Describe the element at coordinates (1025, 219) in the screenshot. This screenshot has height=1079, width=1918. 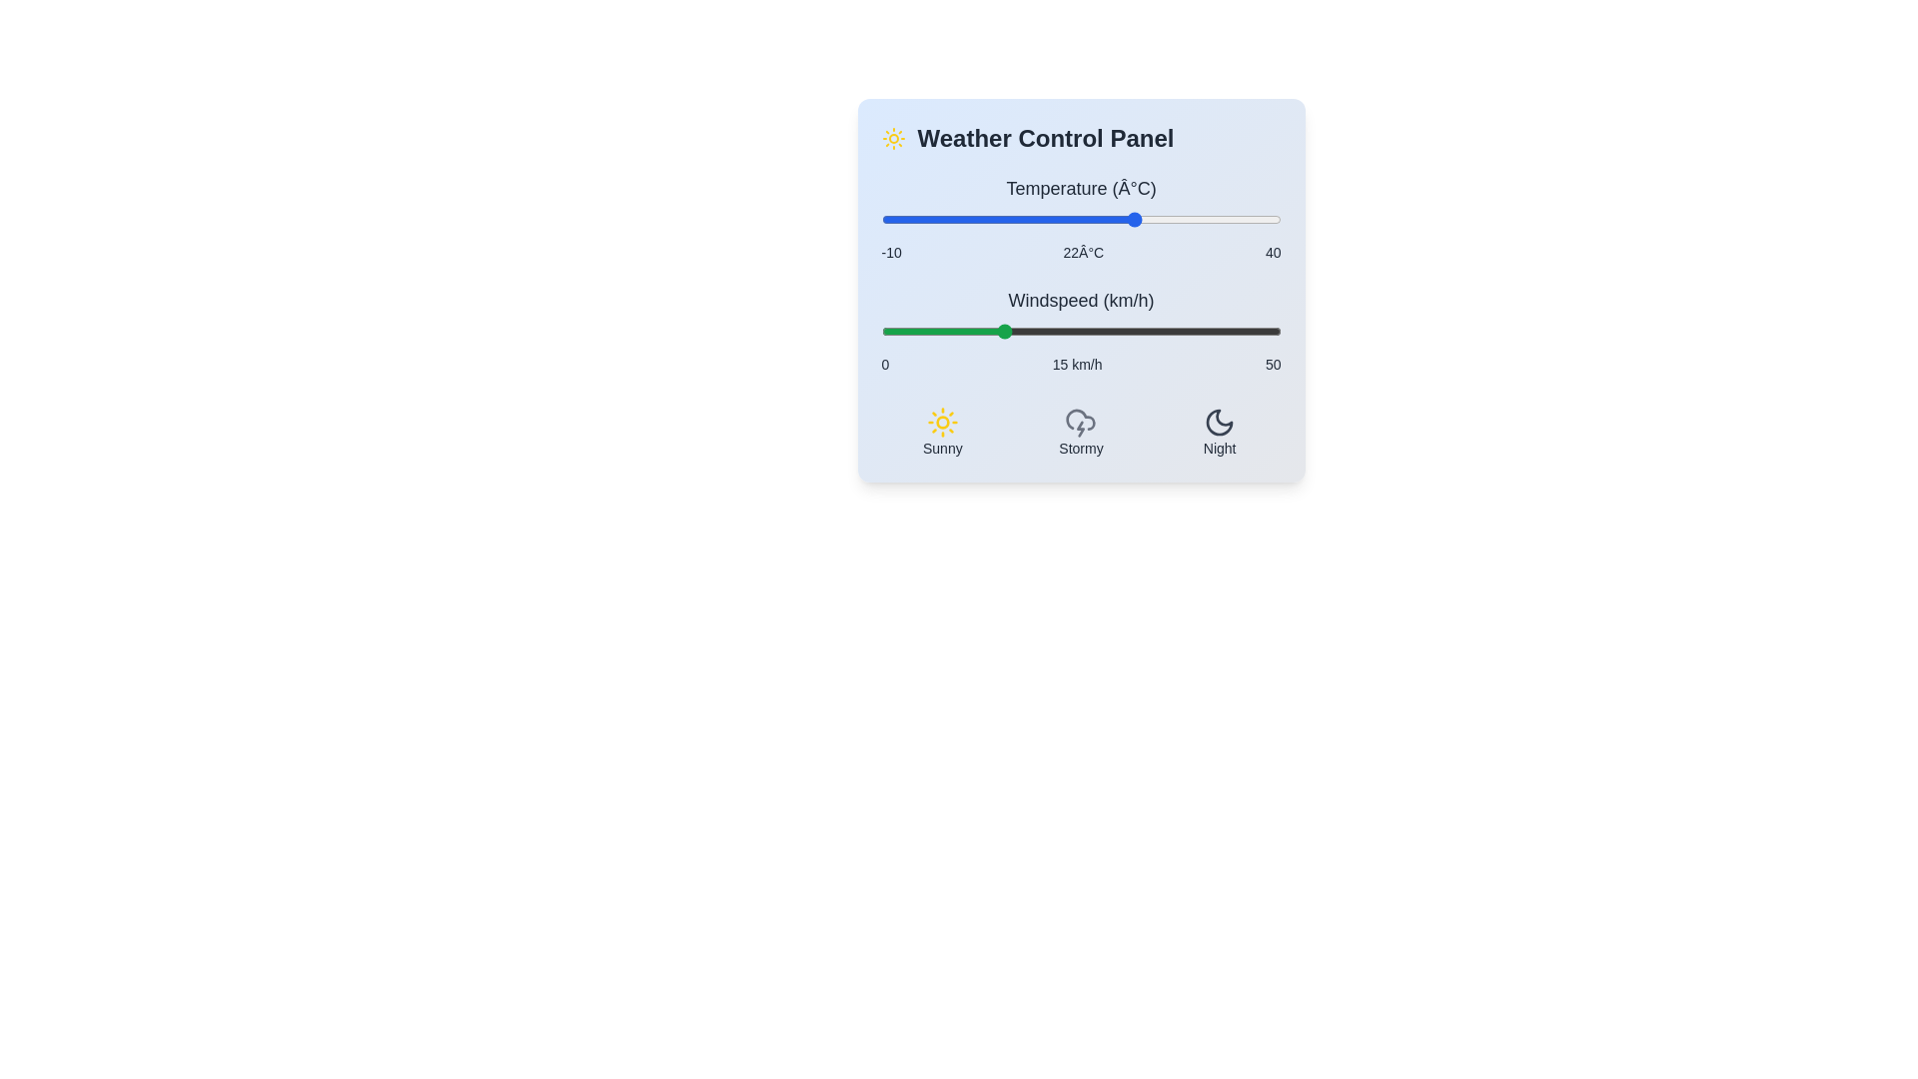
I see `the Temperature slider` at that location.